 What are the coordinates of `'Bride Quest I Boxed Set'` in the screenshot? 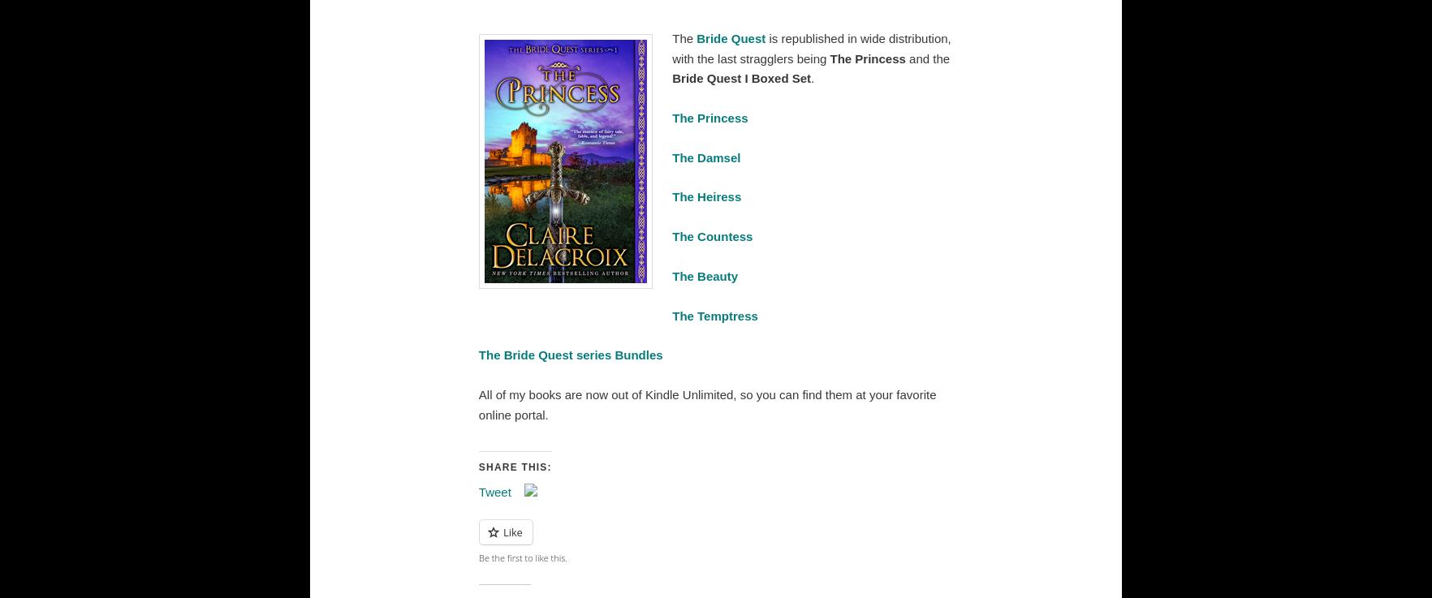 It's located at (672, 77).